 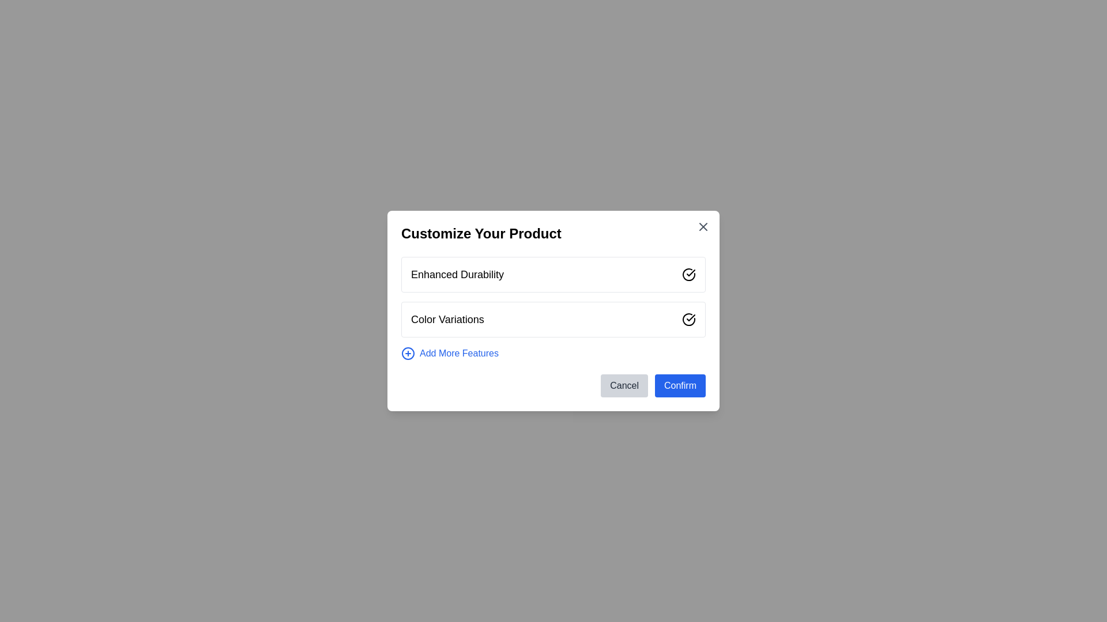 I want to click on the visual state of the confirmation icon for the 'Enhanced Durability' option, which is located in the upper segment of a modal and signifies selection or confirmation, so click(x=691, y=273).